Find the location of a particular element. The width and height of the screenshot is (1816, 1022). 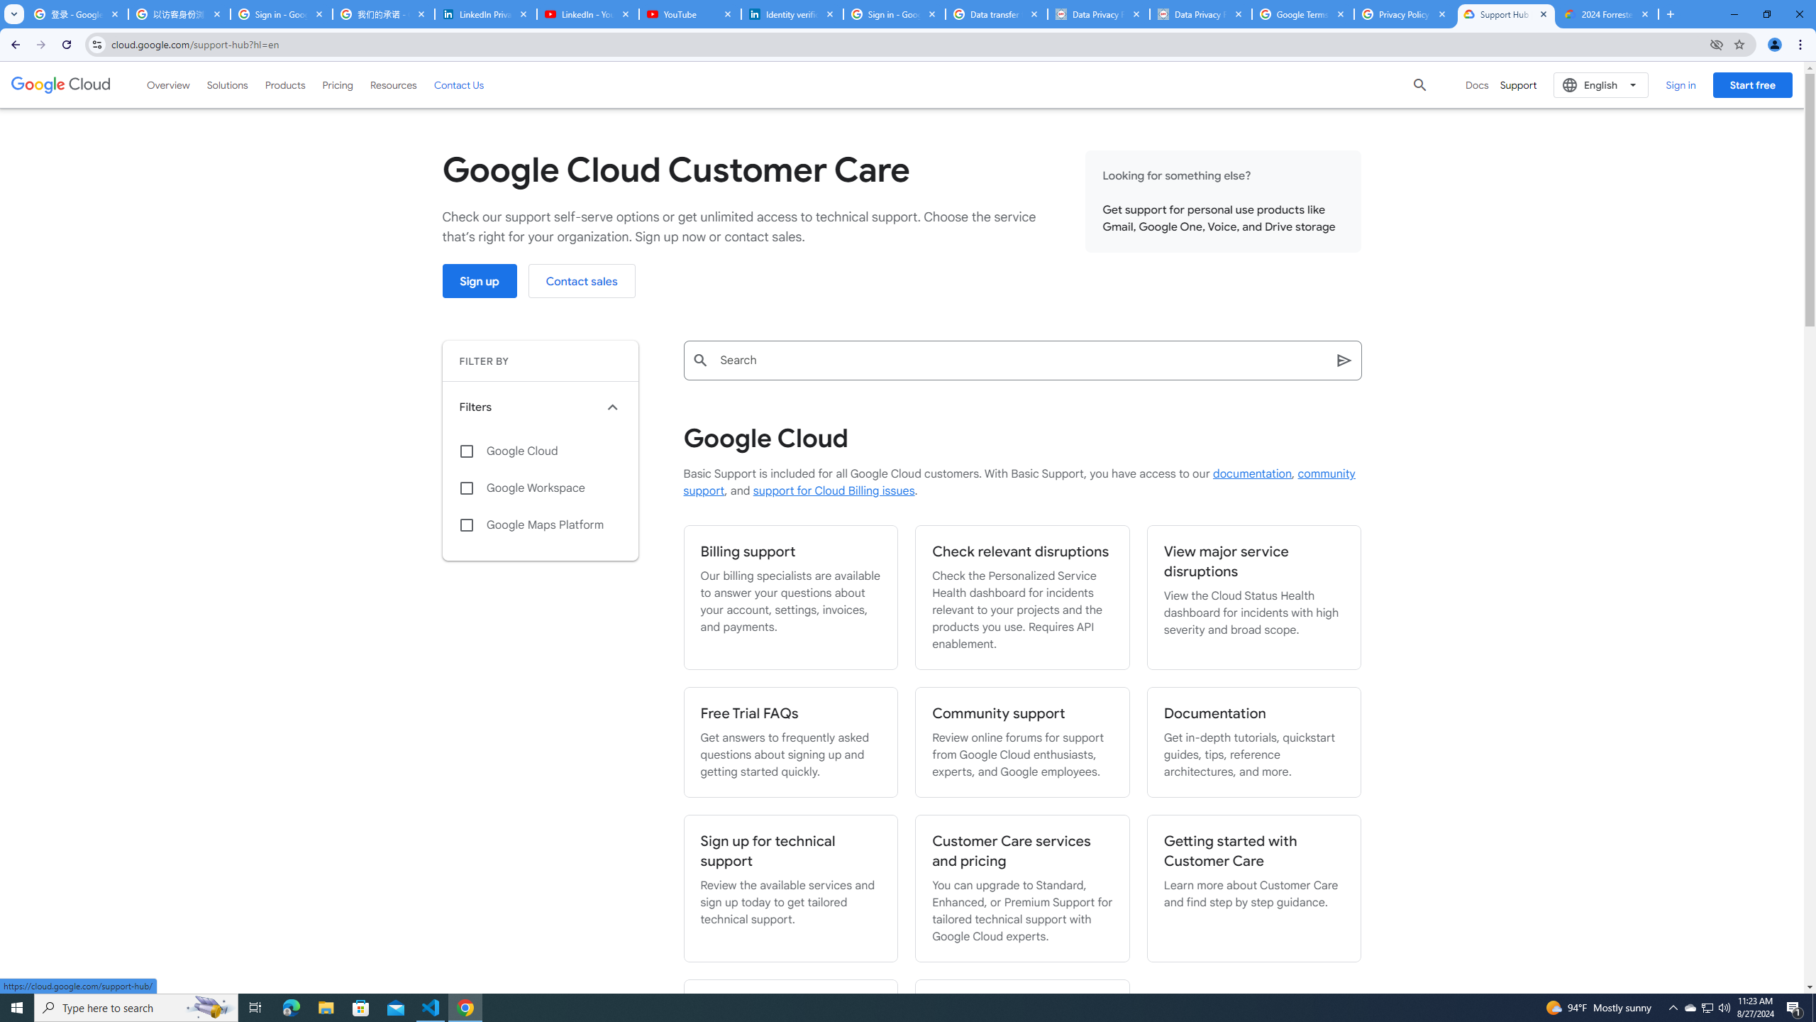

'Solutions' is located at coordinates (226, 84).